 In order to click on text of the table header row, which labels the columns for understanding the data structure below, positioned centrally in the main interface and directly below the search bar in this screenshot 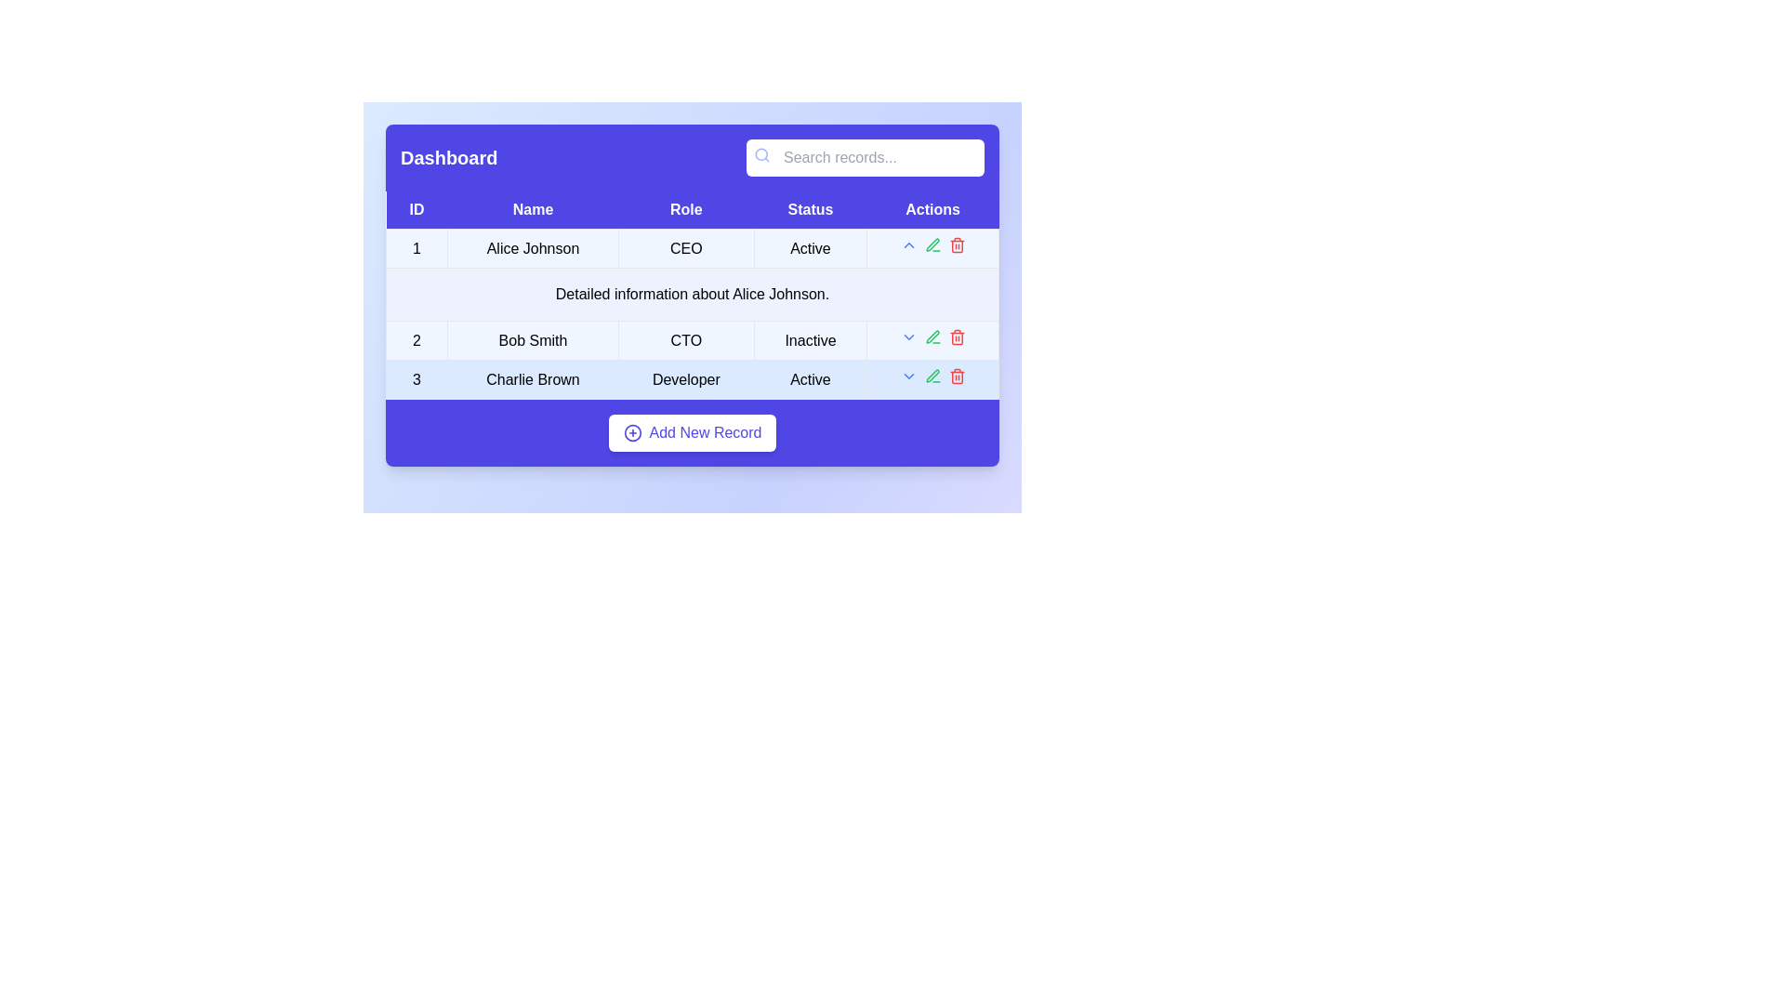, I will do `click(691, 209)`.